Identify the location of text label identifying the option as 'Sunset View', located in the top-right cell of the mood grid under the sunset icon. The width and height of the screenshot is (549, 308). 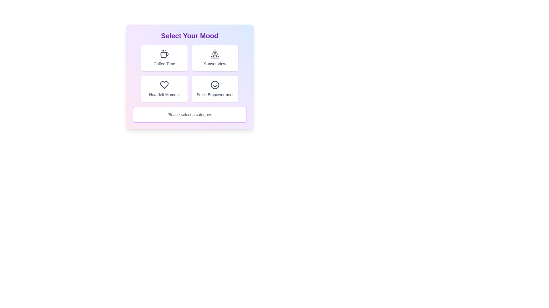
(215, 64).